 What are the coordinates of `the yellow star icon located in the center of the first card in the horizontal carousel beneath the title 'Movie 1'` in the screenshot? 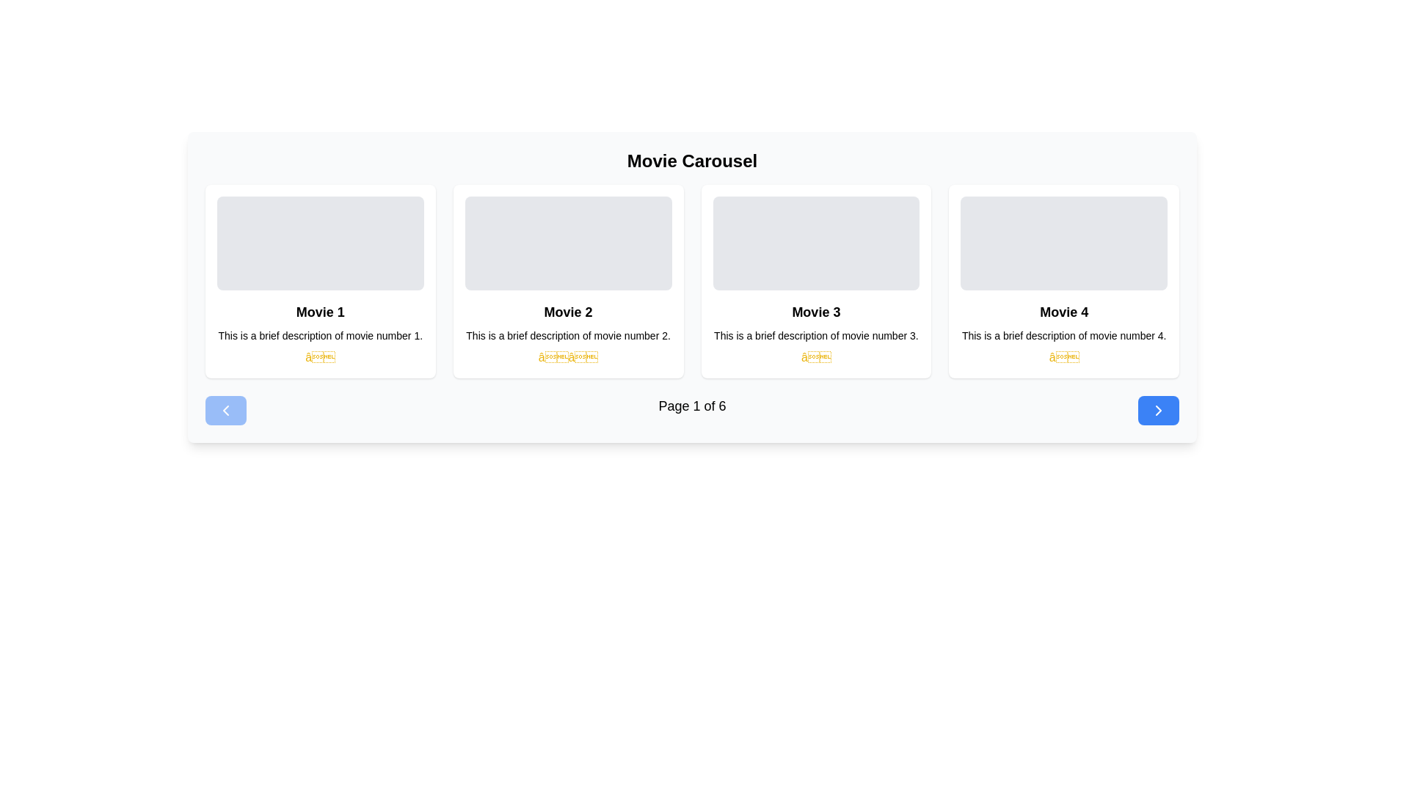 It's located at (319, 357).